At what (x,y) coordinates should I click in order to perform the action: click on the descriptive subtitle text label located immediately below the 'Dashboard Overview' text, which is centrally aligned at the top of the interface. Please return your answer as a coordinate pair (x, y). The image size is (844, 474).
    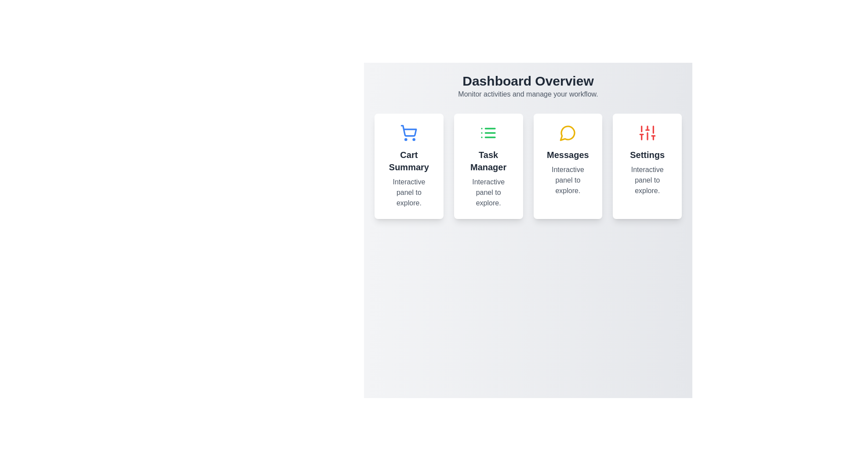
    Looking at the image, I should click on (527, 94).